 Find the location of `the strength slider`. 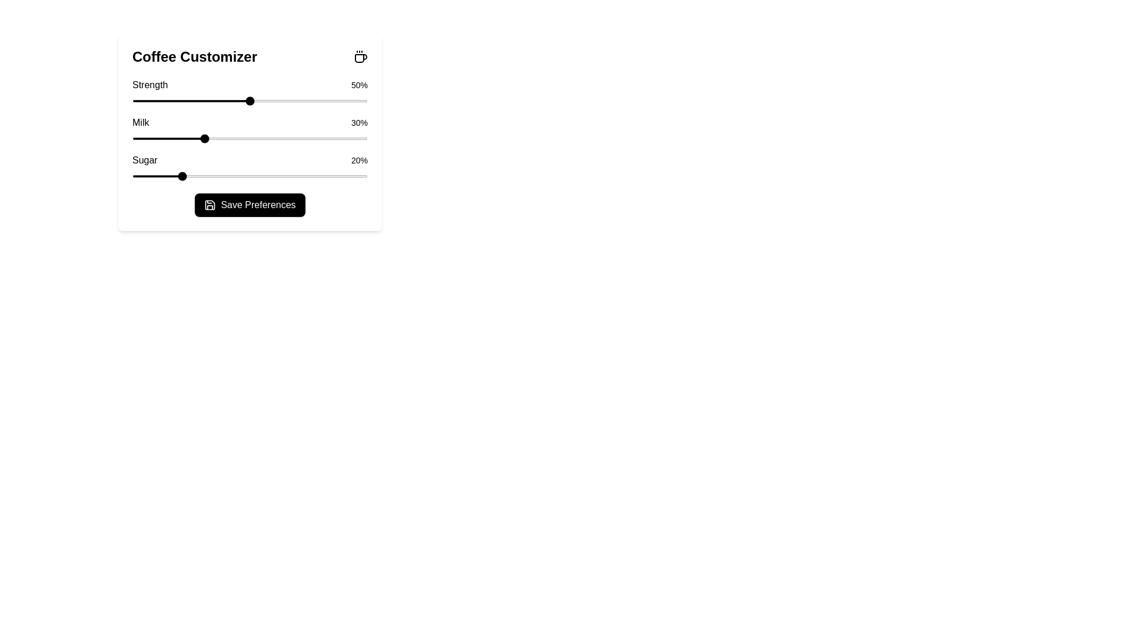

the strength slider is located at coordinates (355, 101).